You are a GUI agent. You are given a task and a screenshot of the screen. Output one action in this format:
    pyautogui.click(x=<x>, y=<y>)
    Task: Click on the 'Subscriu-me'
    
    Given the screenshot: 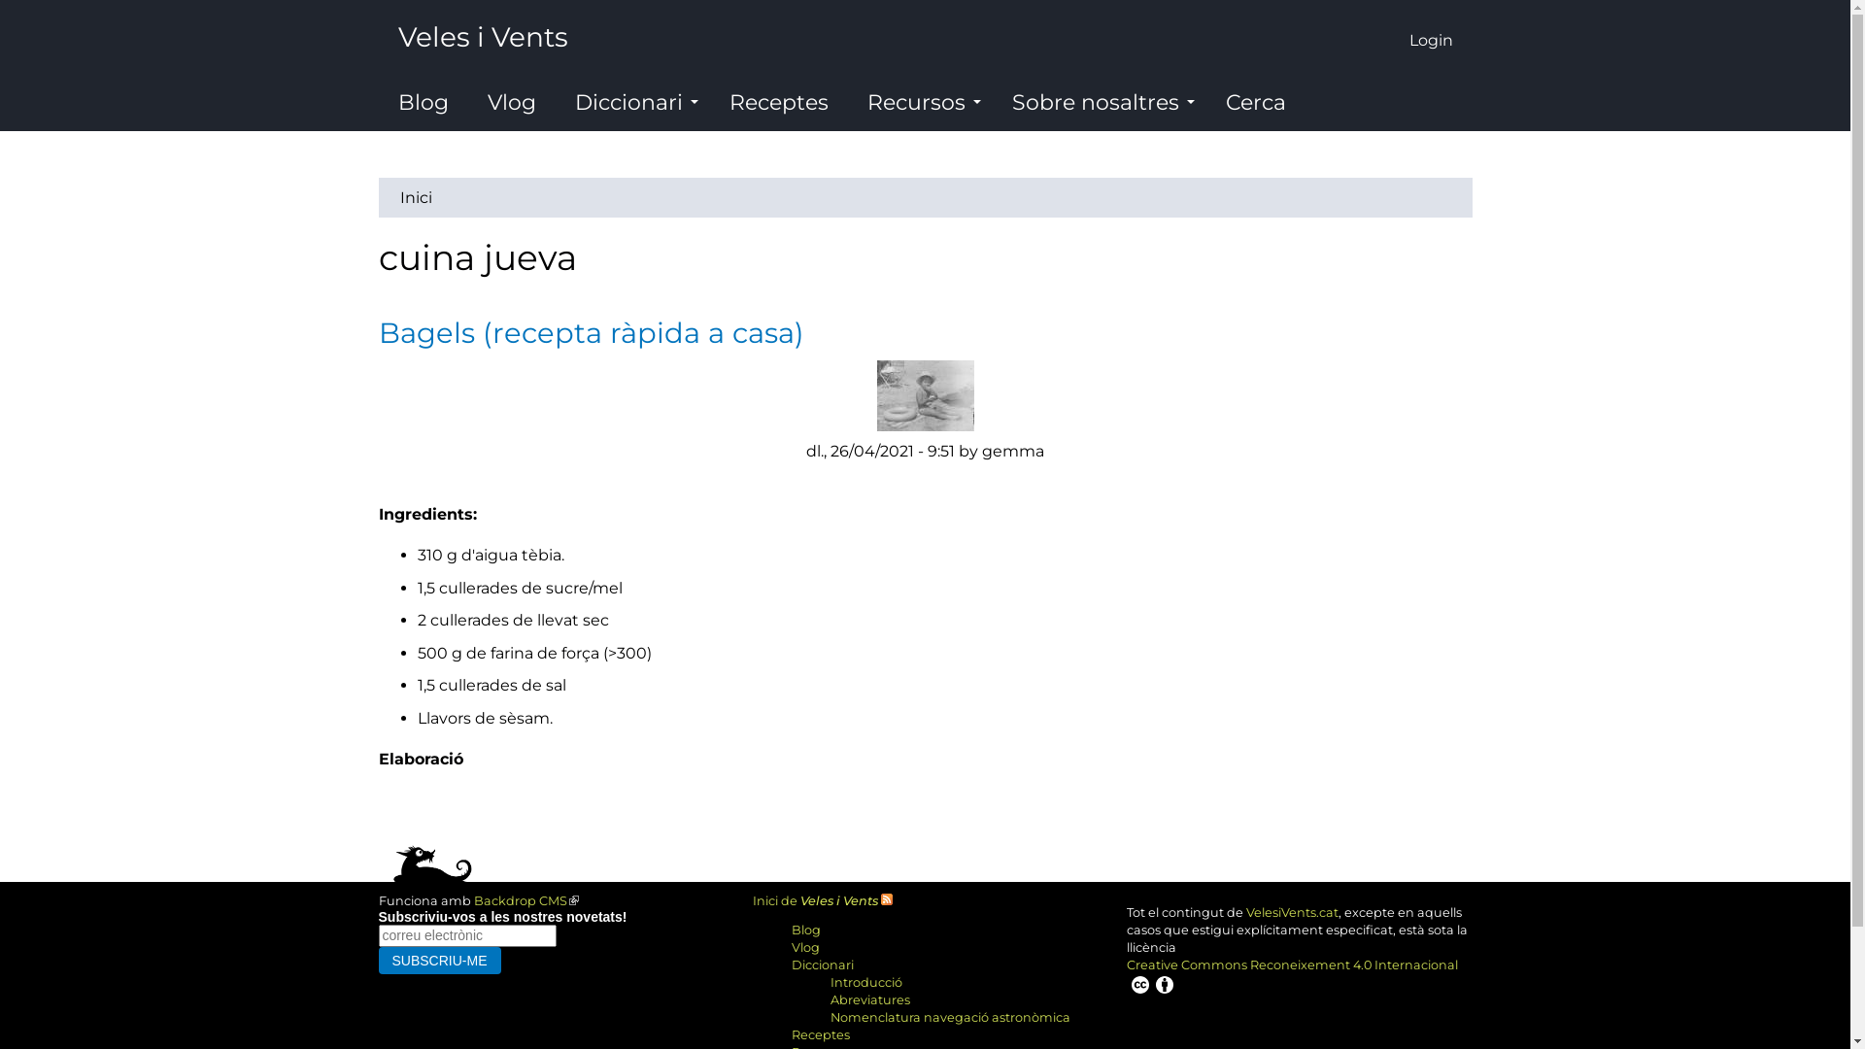 What is the action you would take?
    pyautogui.click(x=378, y=958)
    